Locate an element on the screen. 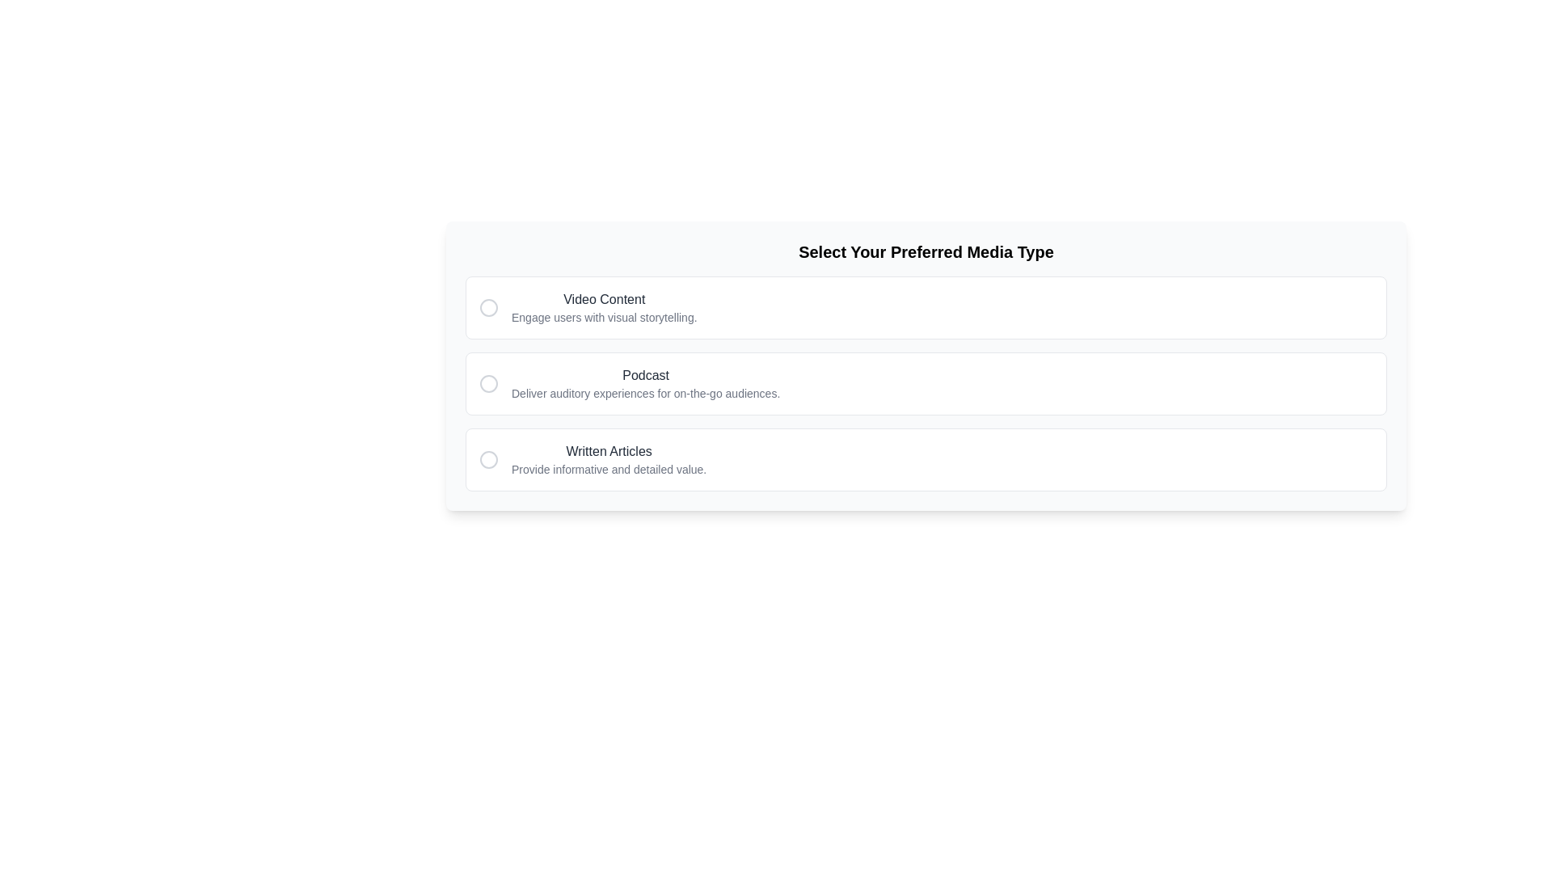  text presented in the centrally positioned text block within the 'Written Articles' option card, which includes a title and a subtitle is located at coordinates (608, 460).